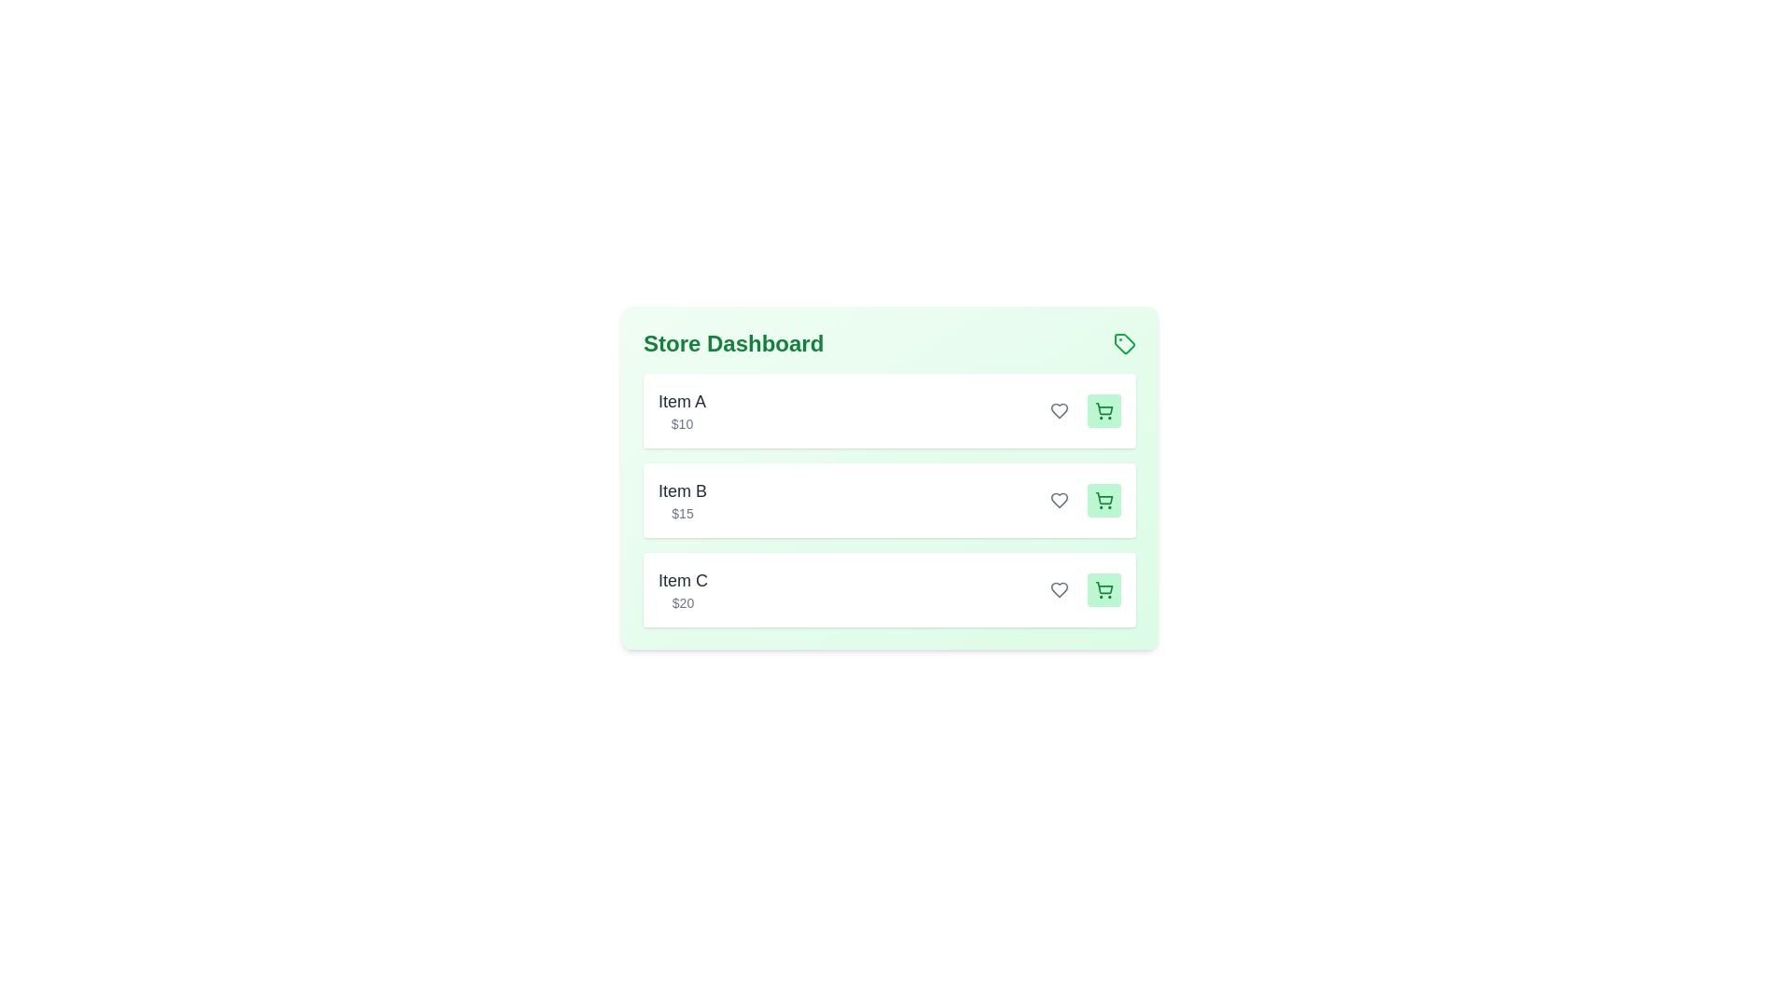 This screenshot has width=1791, height=1007. I want to click on information displayed in the text component located in the second row of the item list, which shows the name and price of the item, so click(682, 499).